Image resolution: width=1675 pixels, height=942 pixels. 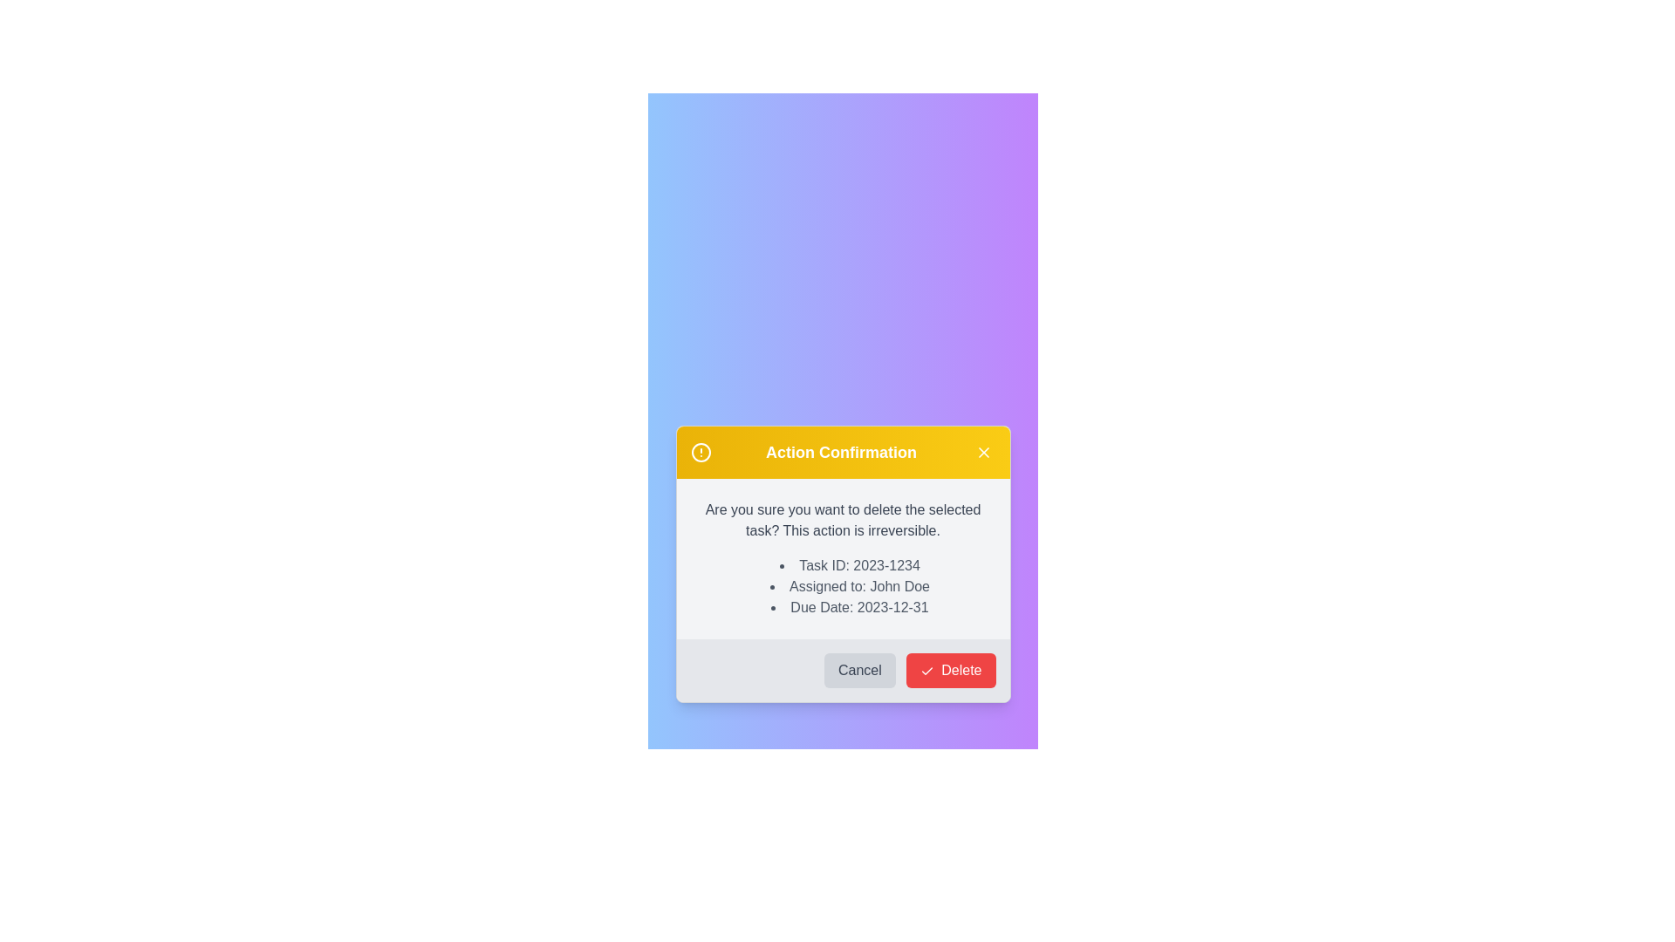 What do you see at coordinates (983, 452) in the screenshot?
I see `the small interactive button with a white 'X' icon located at the top-right corner of the yellow header bar in the confirmation dialog` at bounding box center [983, 452].